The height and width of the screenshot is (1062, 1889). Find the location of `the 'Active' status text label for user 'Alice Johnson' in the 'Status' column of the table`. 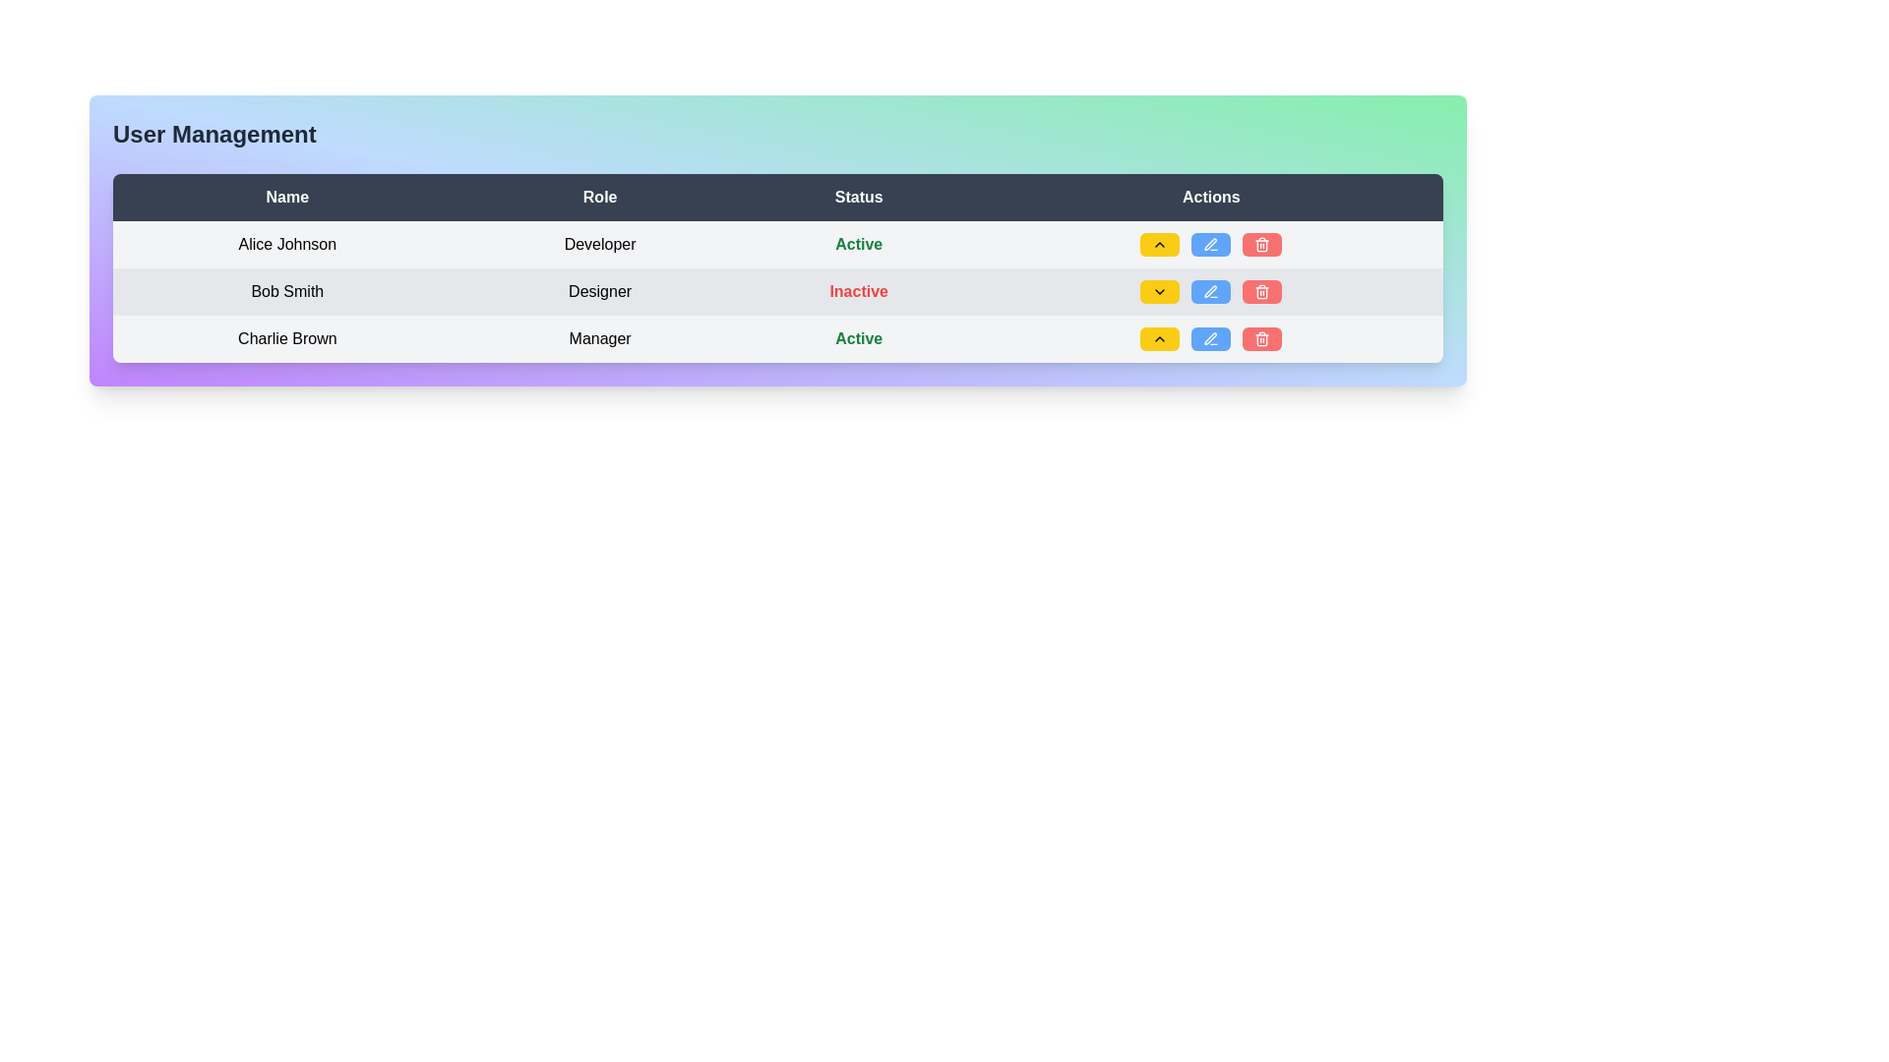

the 'Active' status text label for user 'Alice Johnson' in the 'Status' column of the table is located at coordinates (859, 244).